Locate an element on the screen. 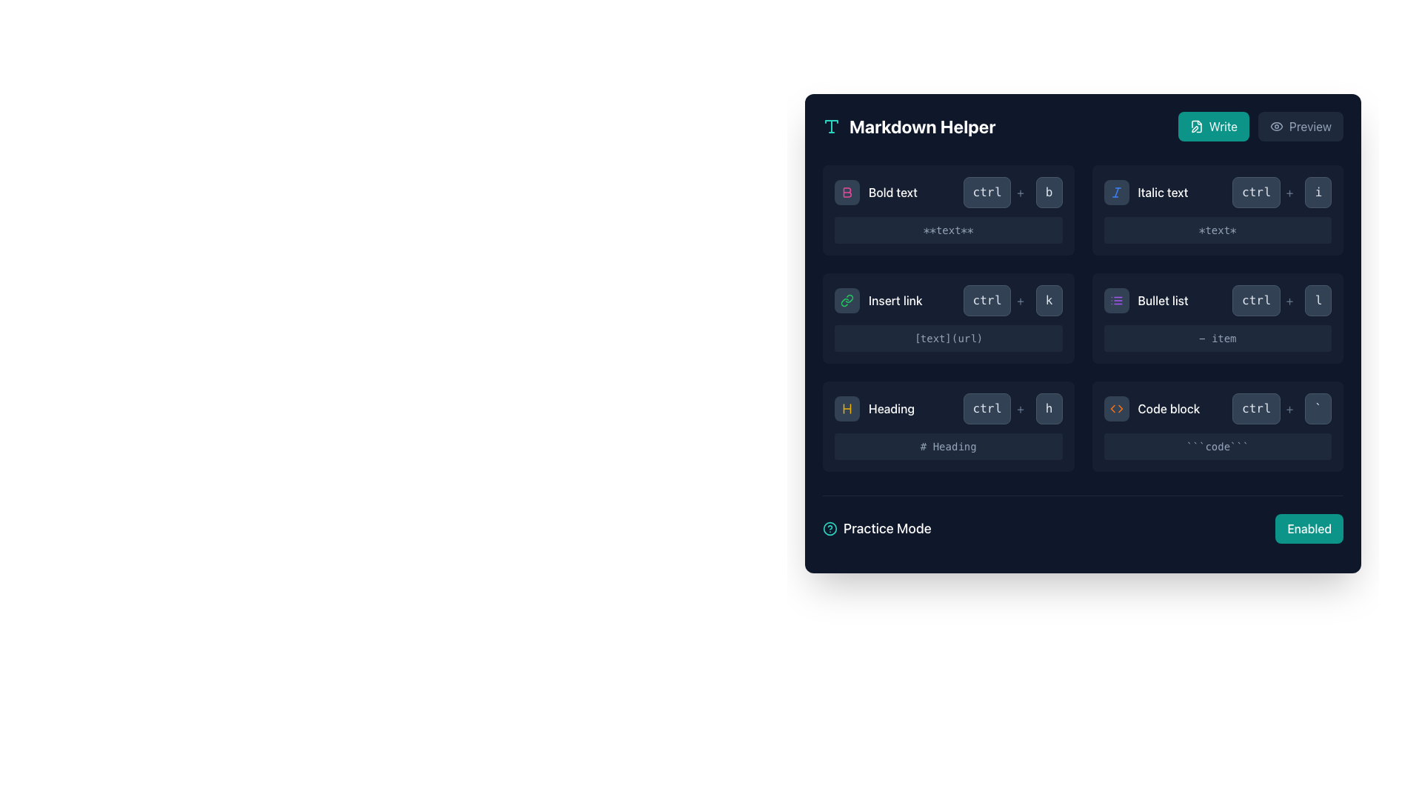 This screenshot has height=800, width=1422. the square button with a pink bold 'B' icon is located at coordinates (847, 191).